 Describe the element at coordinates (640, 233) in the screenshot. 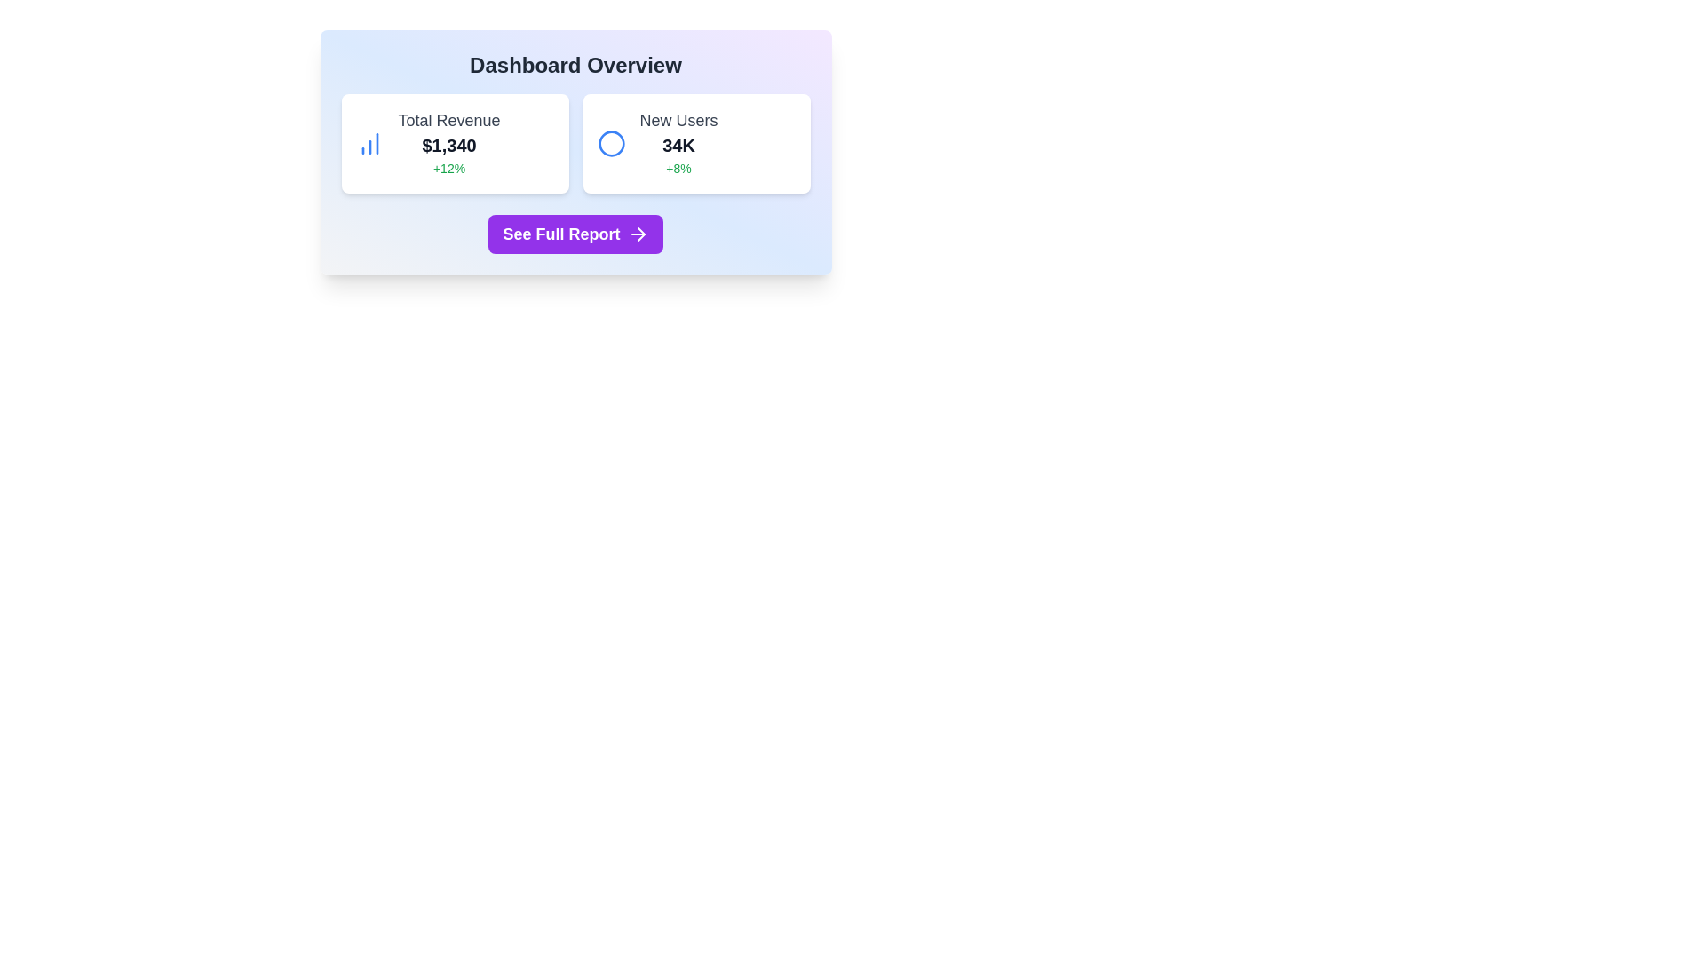

I see `the downward-pointing arrow icon integrated into the 'See Full Report' button to interact with the button` at that location.